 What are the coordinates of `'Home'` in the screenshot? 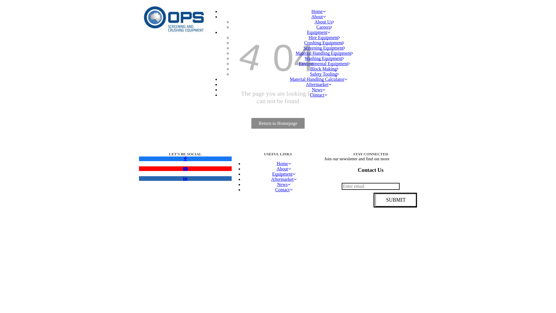 It's located at (284, 163).